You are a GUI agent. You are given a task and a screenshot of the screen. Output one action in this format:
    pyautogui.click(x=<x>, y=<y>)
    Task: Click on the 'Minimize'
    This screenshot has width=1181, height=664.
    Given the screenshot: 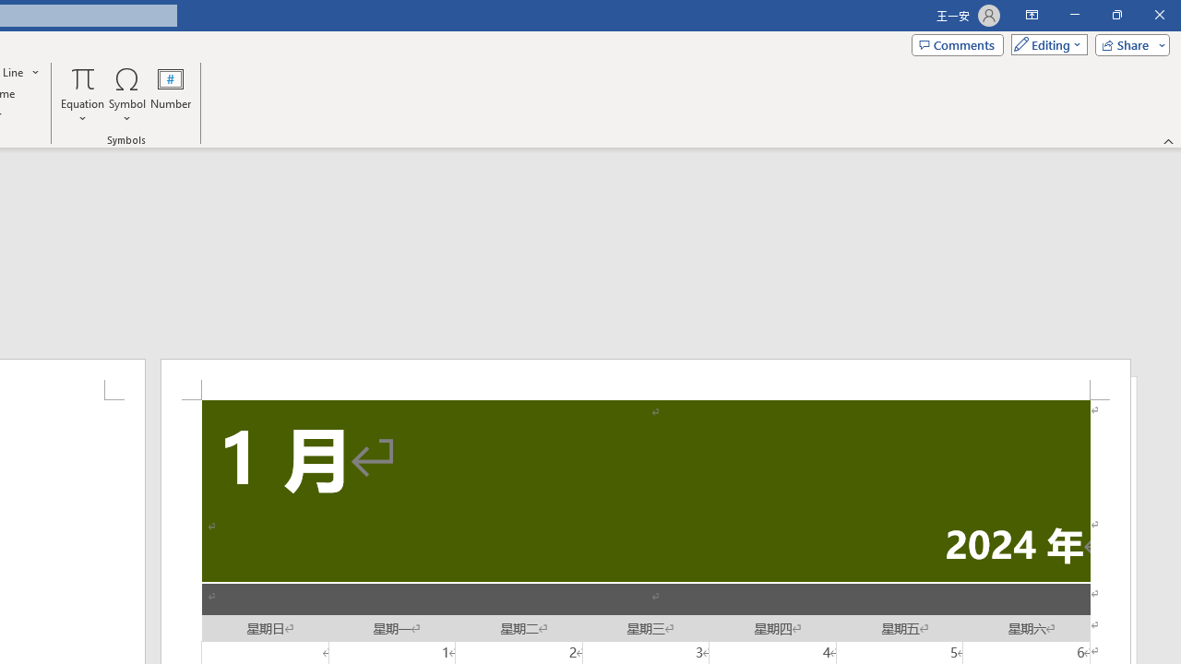 What is the action you would take?
    pyautogui.click(x=1074, y=15)
    